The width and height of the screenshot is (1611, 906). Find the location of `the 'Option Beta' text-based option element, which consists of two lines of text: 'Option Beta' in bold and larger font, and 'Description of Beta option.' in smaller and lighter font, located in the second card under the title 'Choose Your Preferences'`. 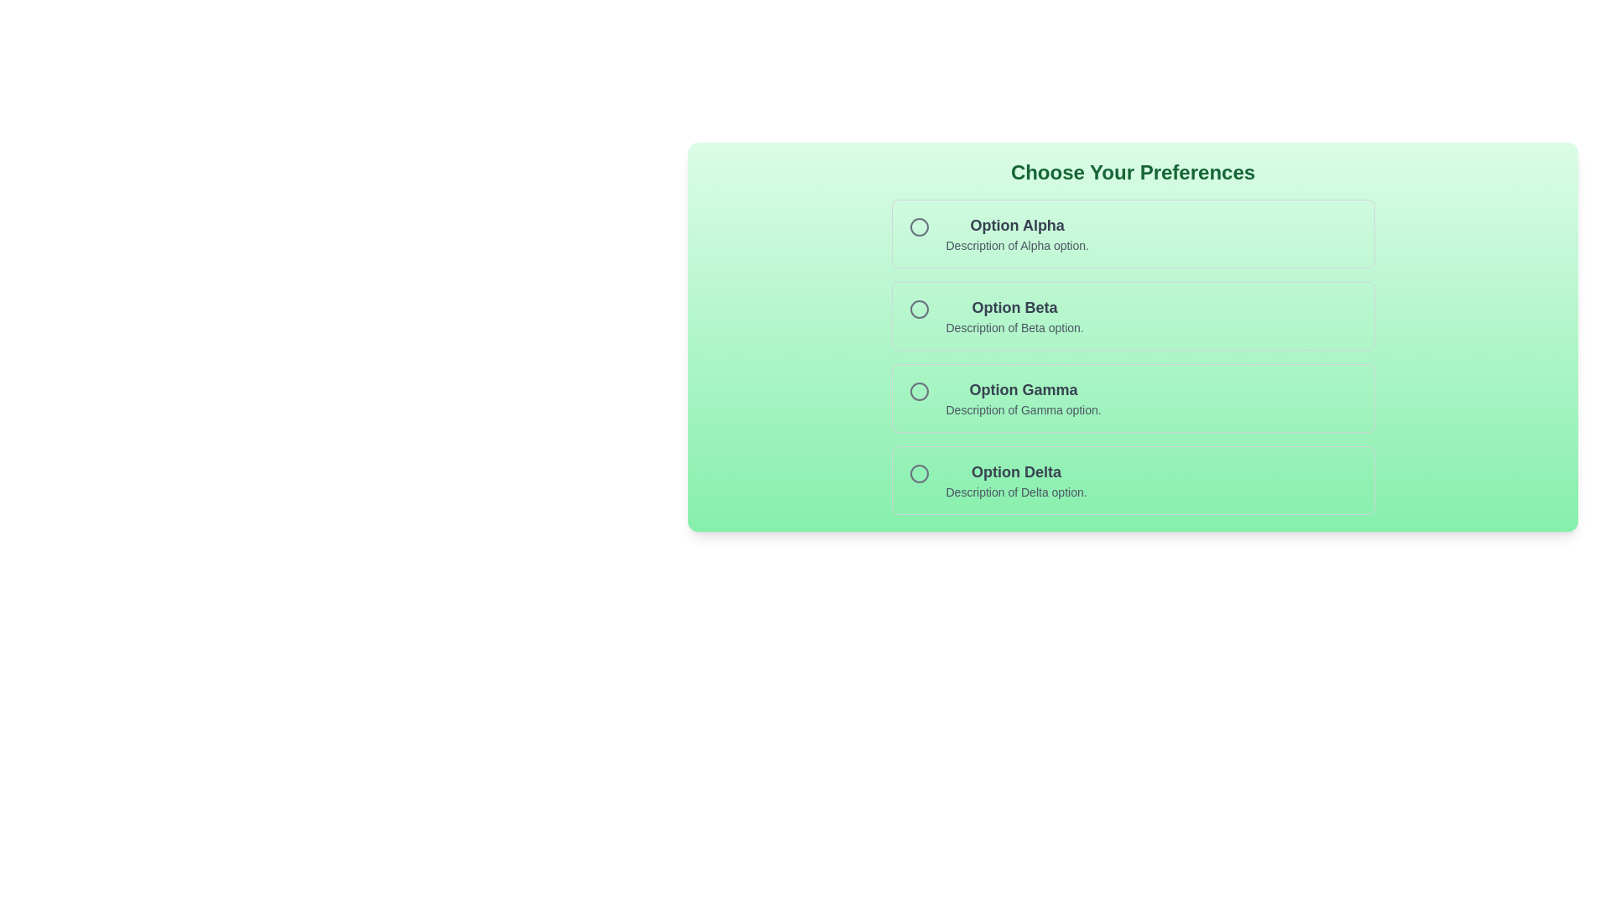

the 'Option Beta' text-based option element, which consists of two lines of text: 'Option Beta' in bold and larger font, and 'Description of Beta option.' in smaller and lighter font, located in the second card under the title 'Choose Your Preferences' is located at coordinates (1014, 316).